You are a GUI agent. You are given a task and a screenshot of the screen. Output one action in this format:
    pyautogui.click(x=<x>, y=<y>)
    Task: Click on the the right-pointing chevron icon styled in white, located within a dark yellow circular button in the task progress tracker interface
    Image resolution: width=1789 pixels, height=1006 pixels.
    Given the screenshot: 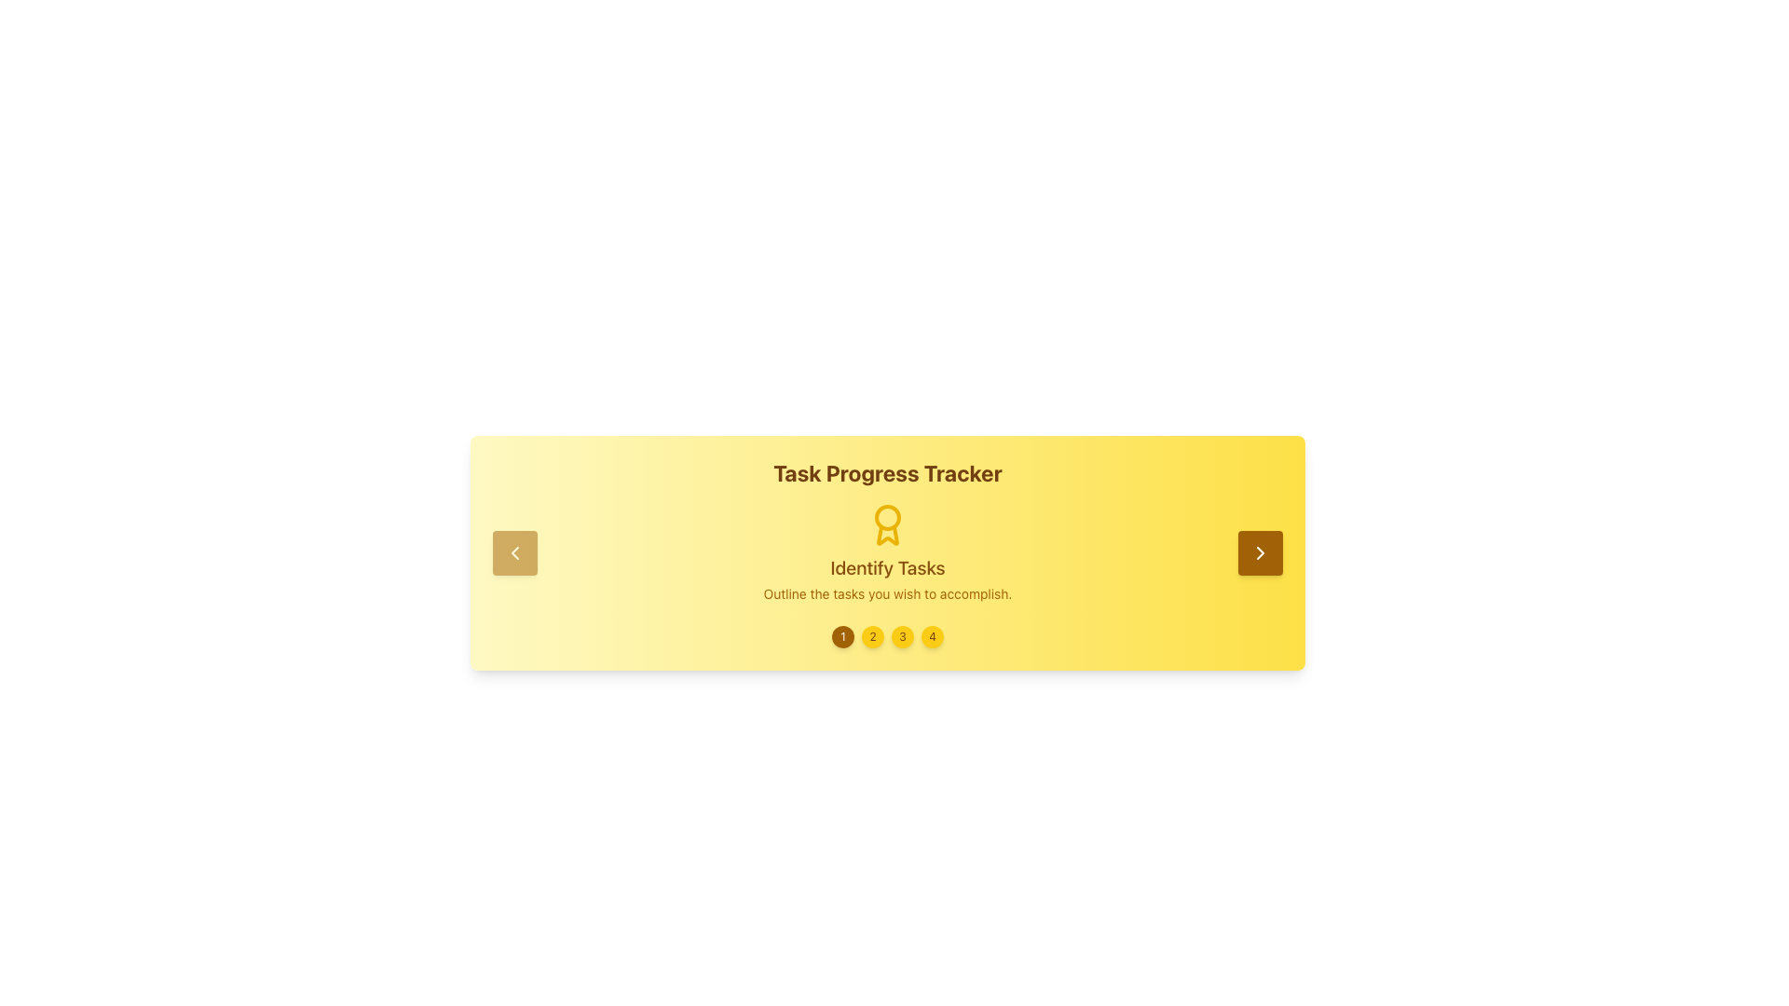 What is the action you would take?
    pyautogui.click(x=1261, y=552)
    